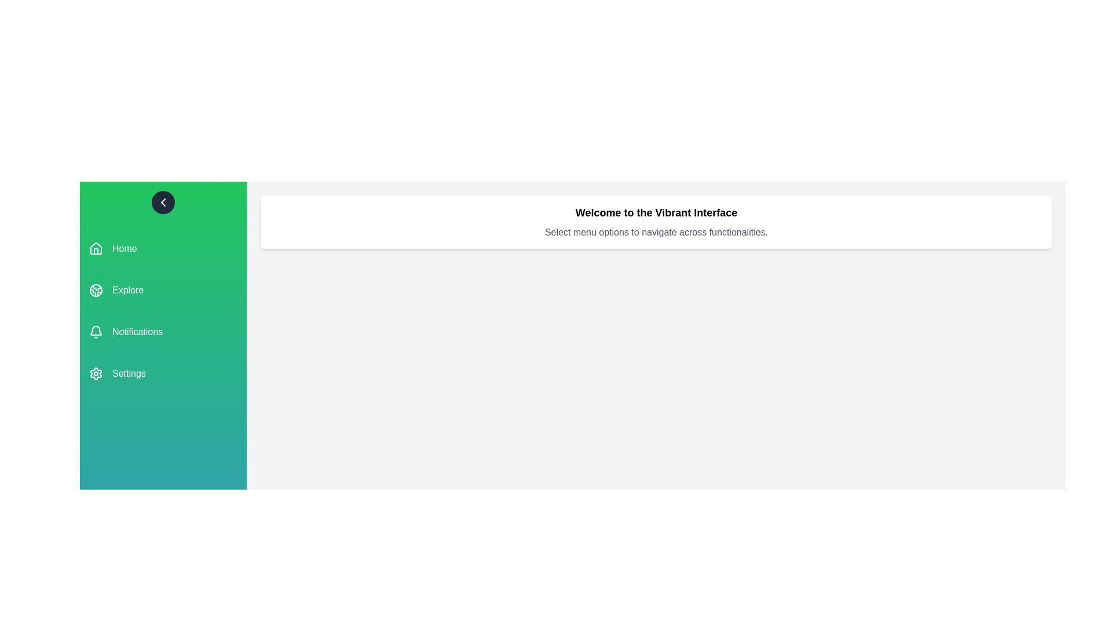  I want to click on the menu item Notifications to view its hover effect, so click(163, 332).